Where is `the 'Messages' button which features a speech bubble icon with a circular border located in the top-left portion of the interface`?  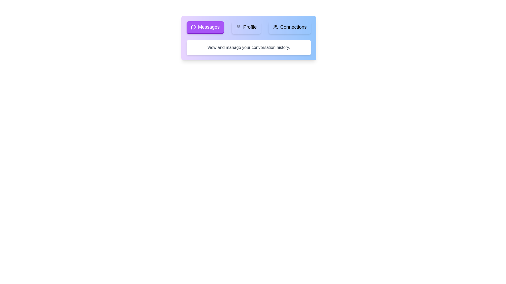
the 'Messages' button which features a speech bubble icon with a circular border located in the top-left portion of the interface is located at coordinates (193, 27).